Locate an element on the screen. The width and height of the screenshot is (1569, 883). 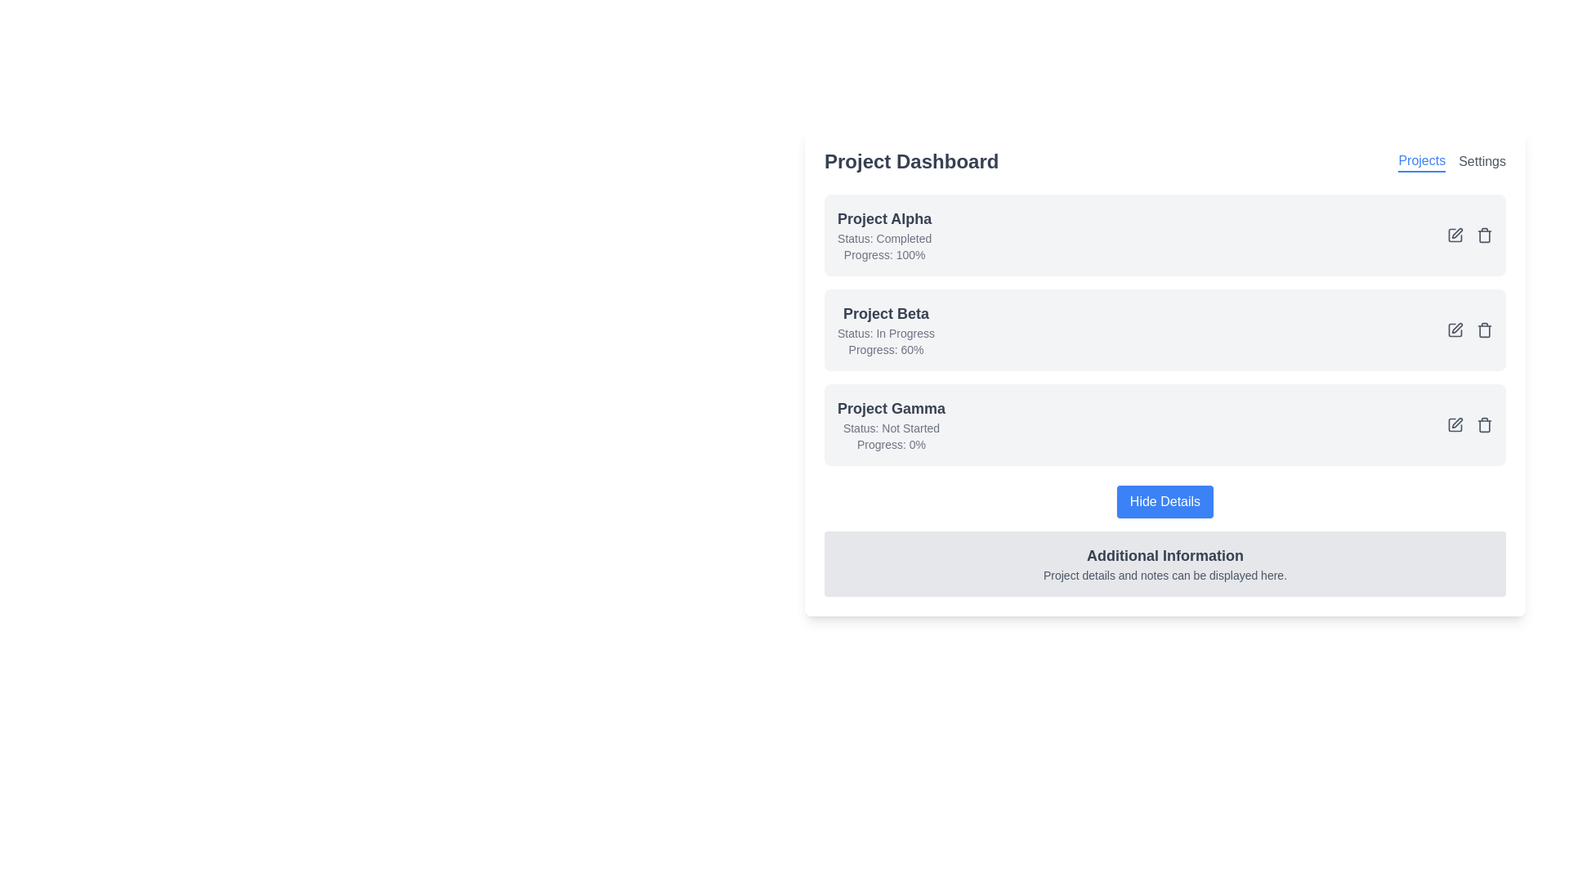
the editing icon for 'Project Gamma' is located at coordinates (1457, 422).